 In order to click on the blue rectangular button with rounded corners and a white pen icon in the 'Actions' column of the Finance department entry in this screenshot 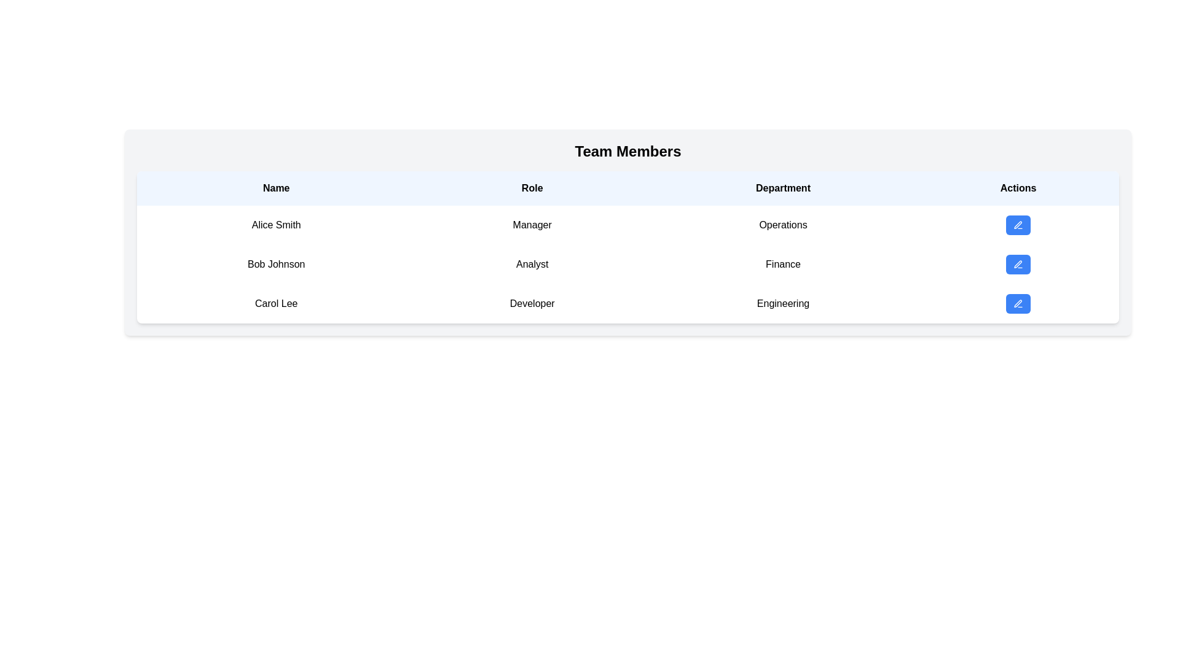, I will do `click(1018, 264)`.